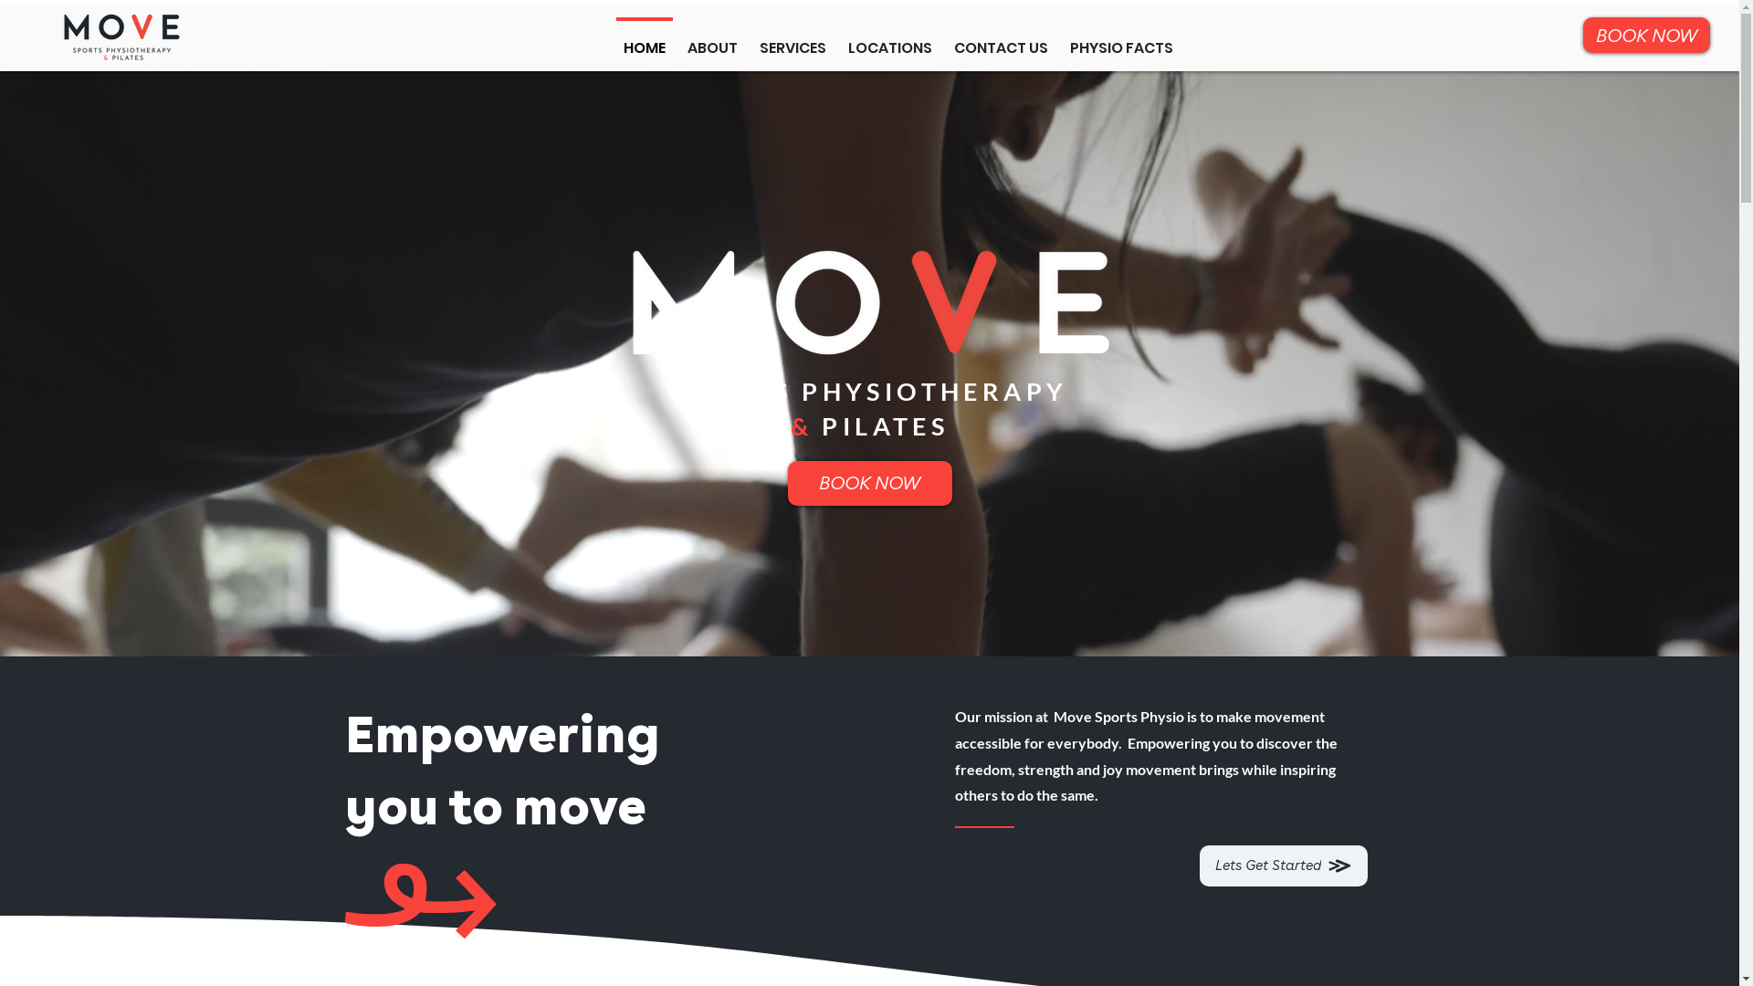 This screenshot has height=986, width=1753. I want to click on 'HOME', so click(613, 39).